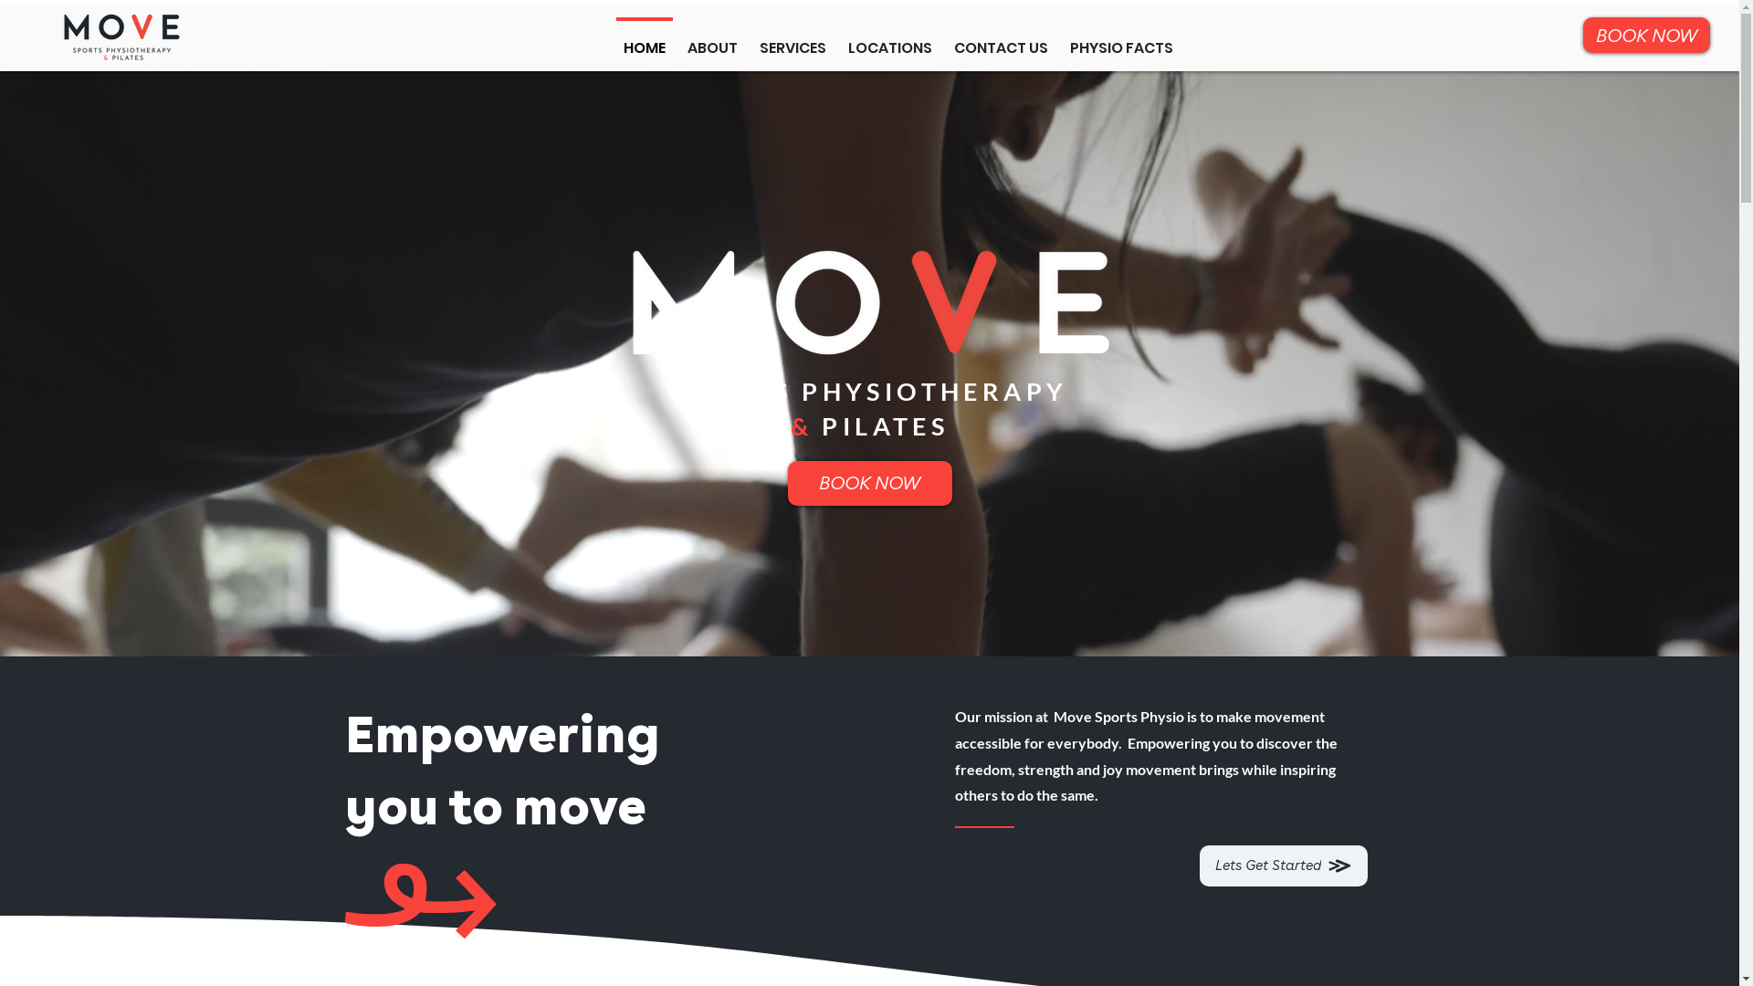 This screenshot has height=986, width=1753. I want to click on 'HOME', so click(613, 39).